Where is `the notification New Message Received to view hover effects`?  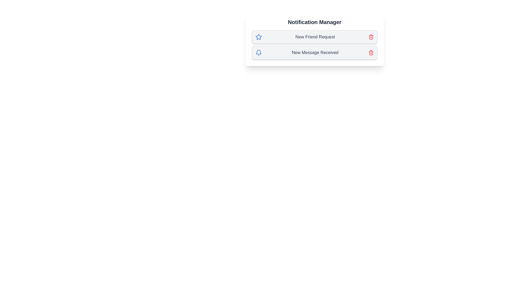
the notification New Message Received to view hover effects is located at coordinates (314, 53).